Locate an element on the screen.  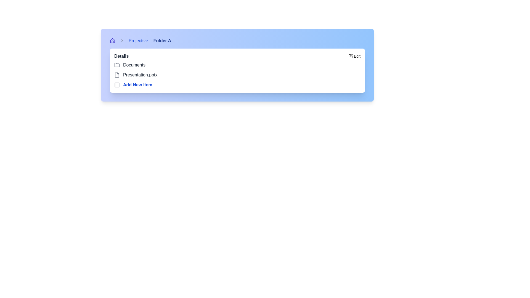
the file icon representing 'Presentation.pptx' located in the 'Details' section, which is styled with a gray color and a classic paper-like outline design is located at coordinates (116, 75).